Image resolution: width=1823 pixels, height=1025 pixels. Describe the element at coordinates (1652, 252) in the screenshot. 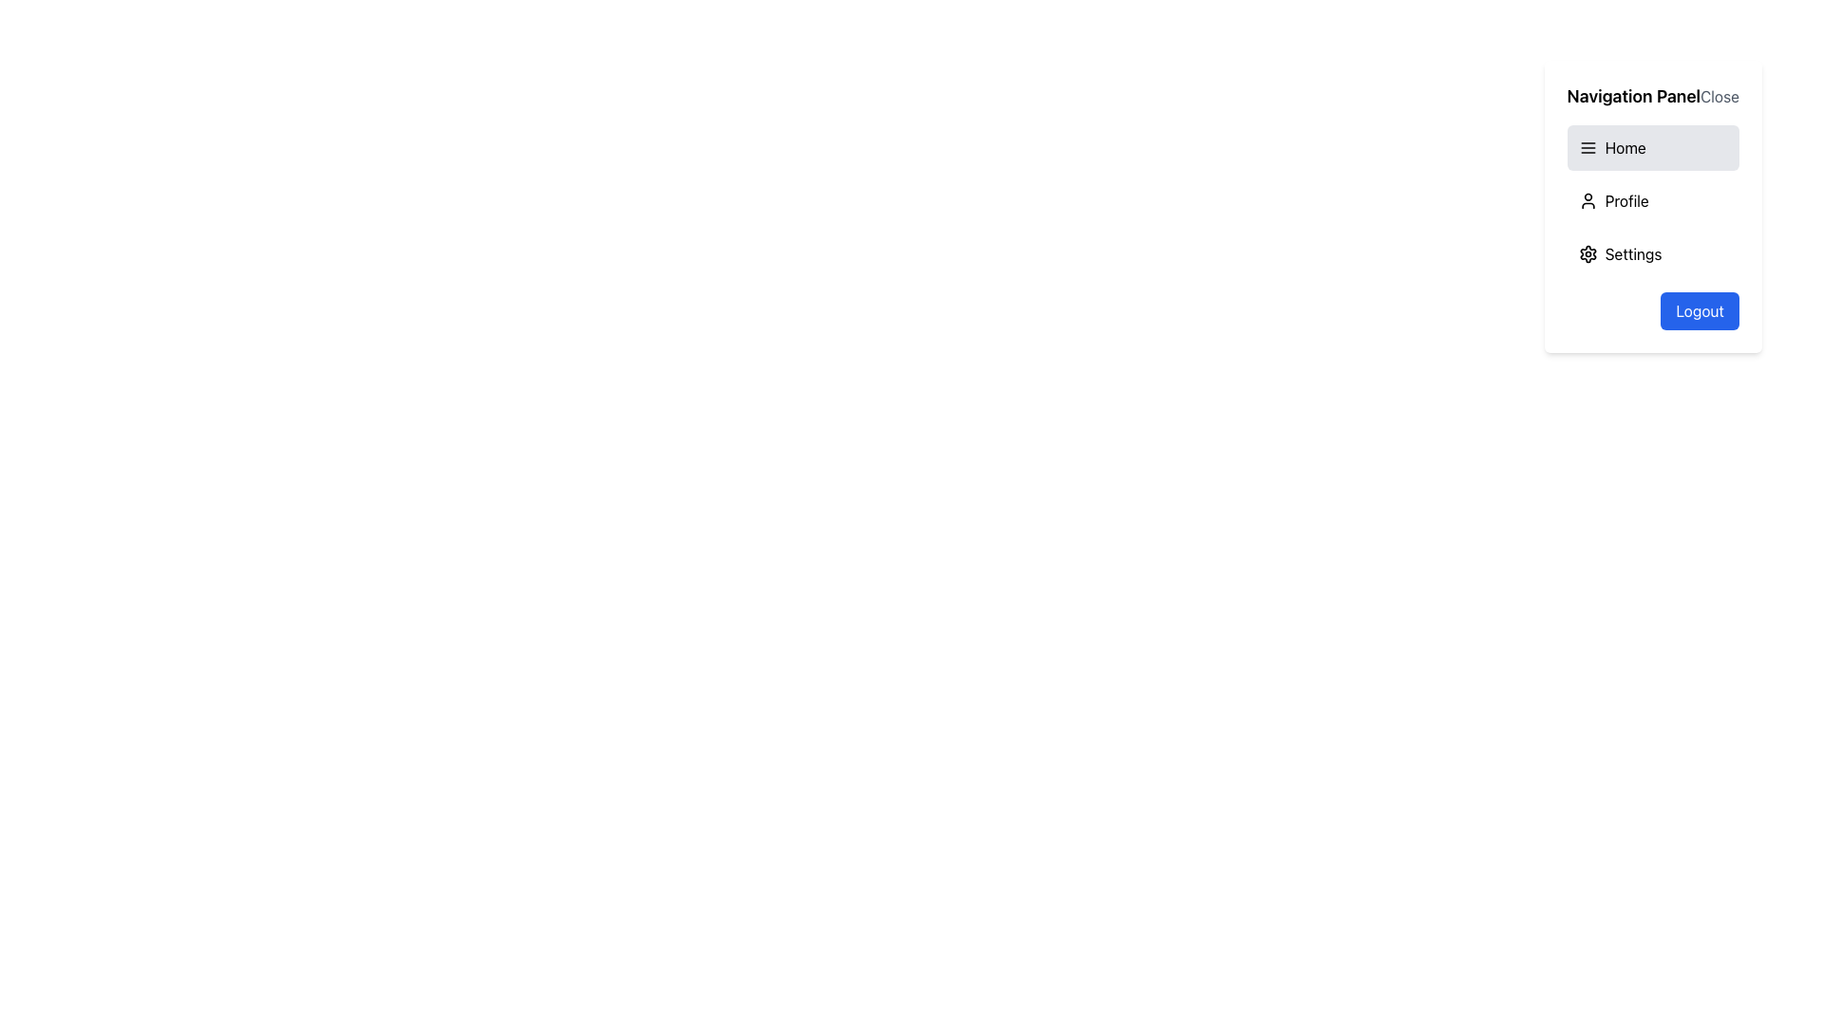

I see `the 'Settings' button, which features a cogwheel icon and is the third item in the sidebar navigation` at that location.